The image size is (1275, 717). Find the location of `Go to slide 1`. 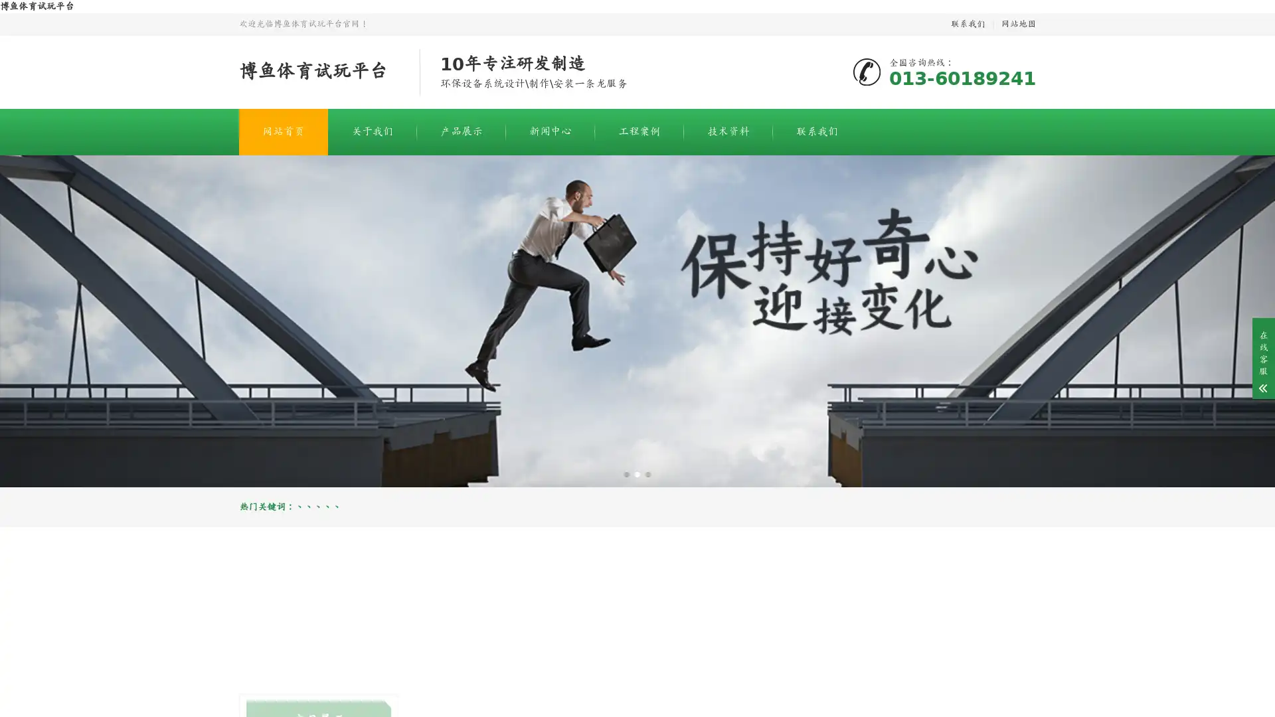

Go to slide 1 is located at coordinates (626, 473).